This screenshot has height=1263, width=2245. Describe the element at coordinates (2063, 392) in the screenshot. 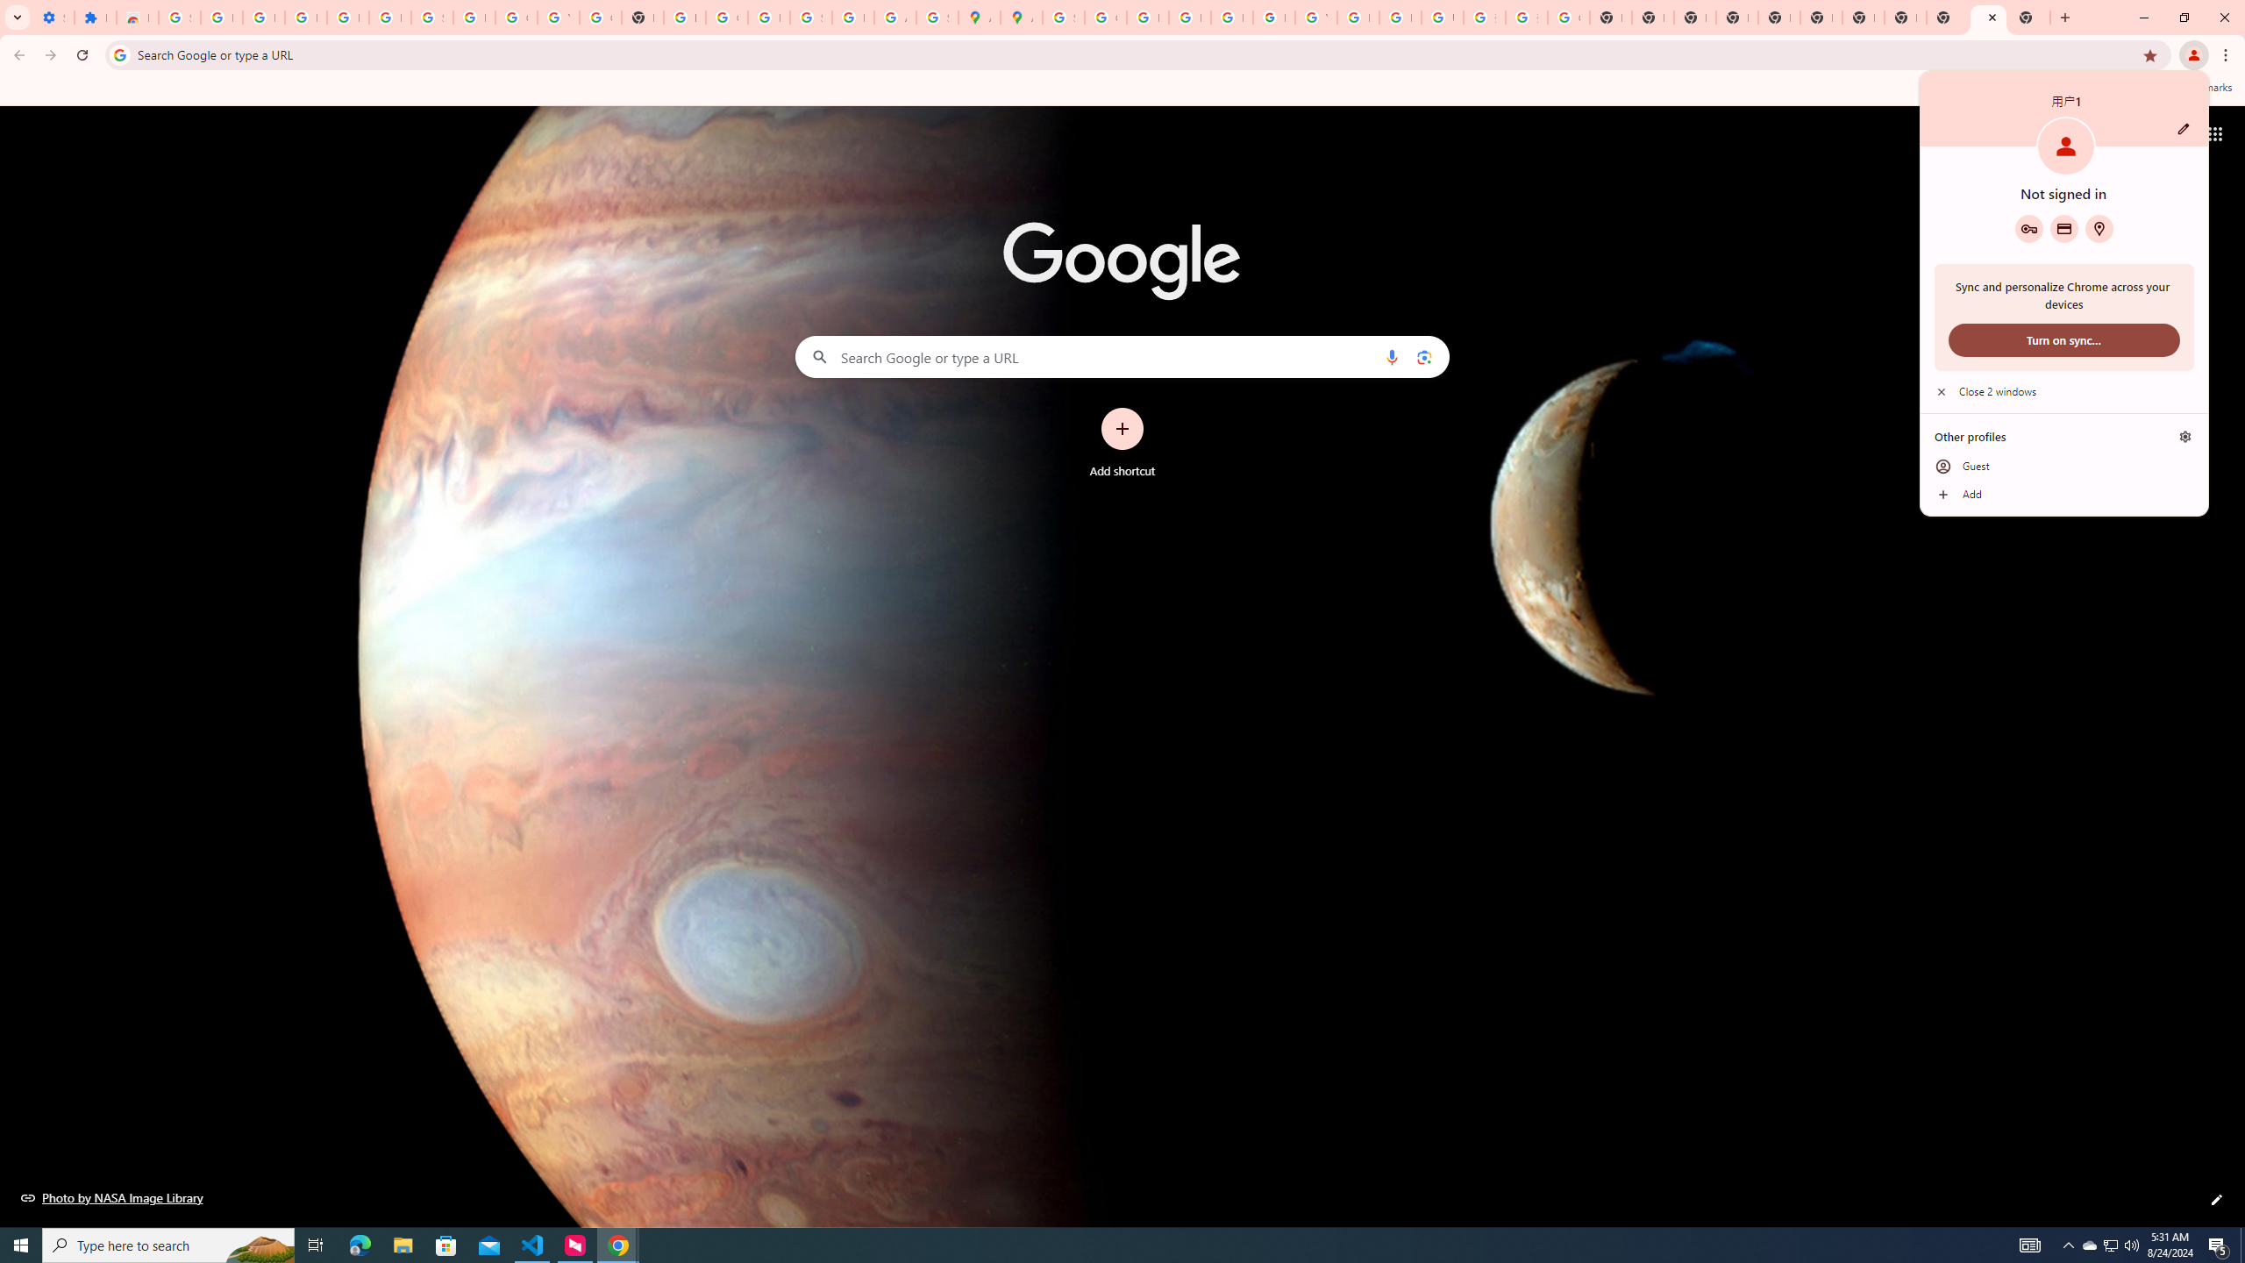

I see `'Close 2 windows'` at that location.